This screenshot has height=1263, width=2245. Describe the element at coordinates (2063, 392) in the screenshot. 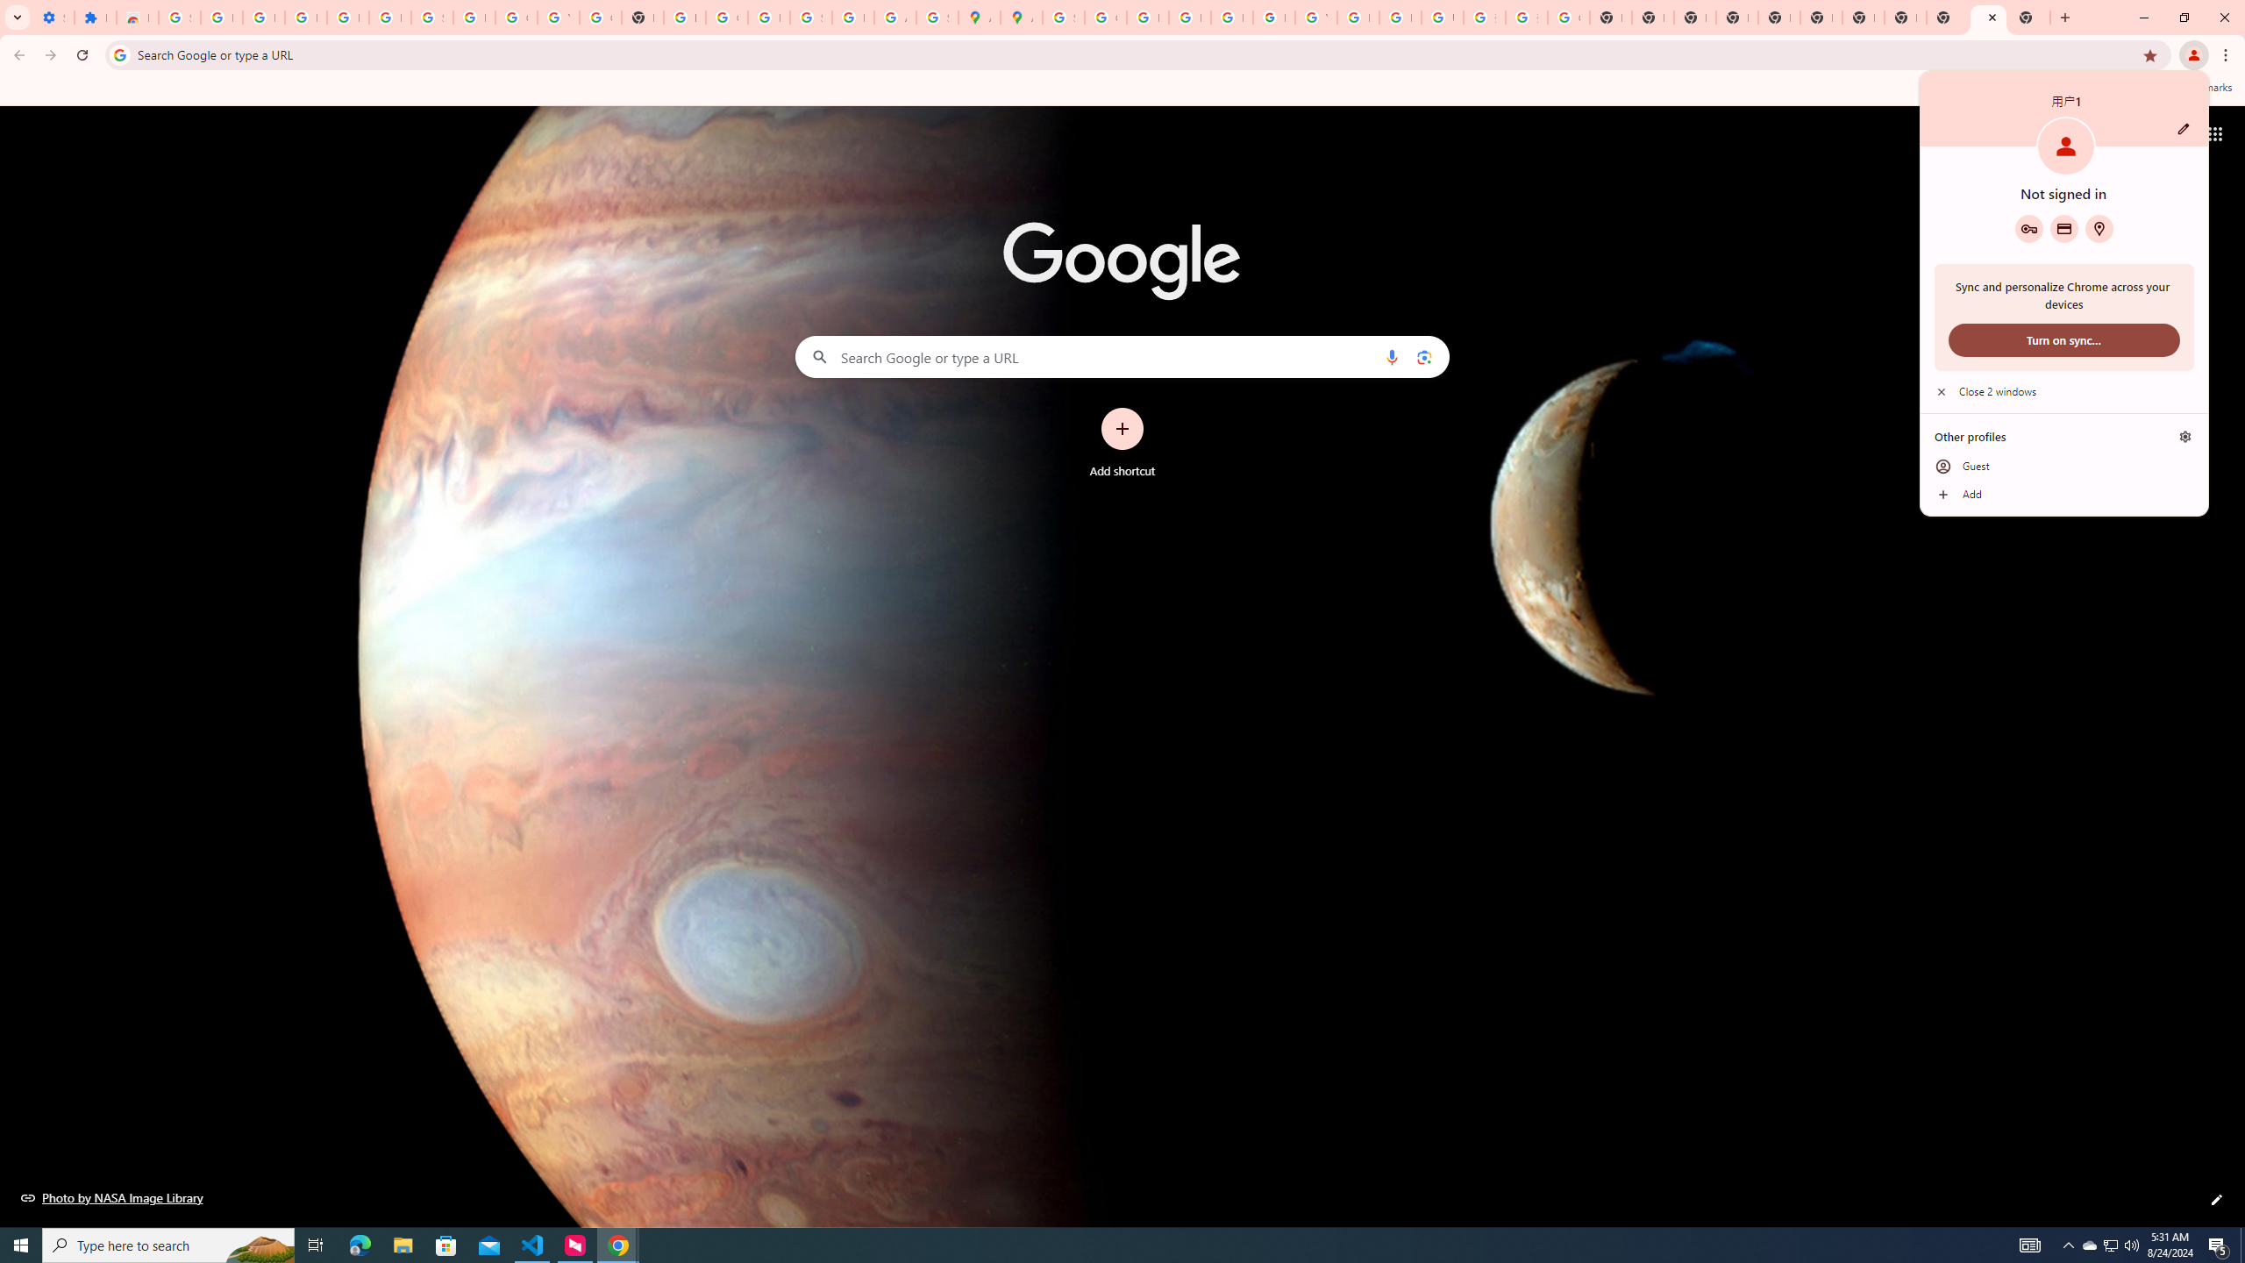

I see `'Close 2 windows'` at that location.